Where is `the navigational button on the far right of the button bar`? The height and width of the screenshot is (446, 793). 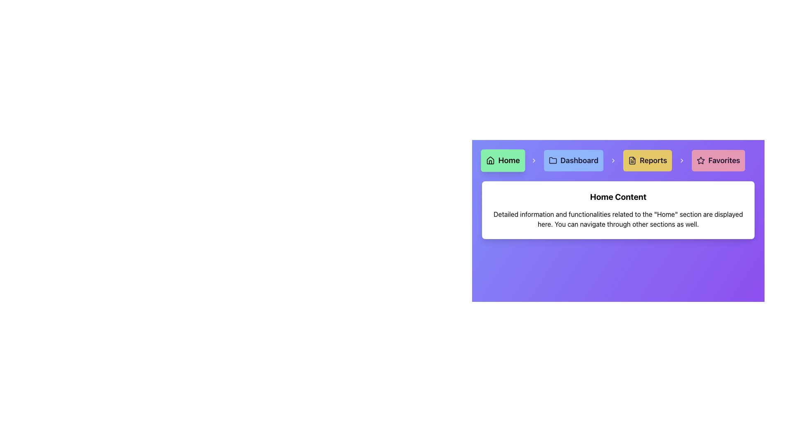 the navigational button on the far right of the button bar is located at coordinates (717, 161).